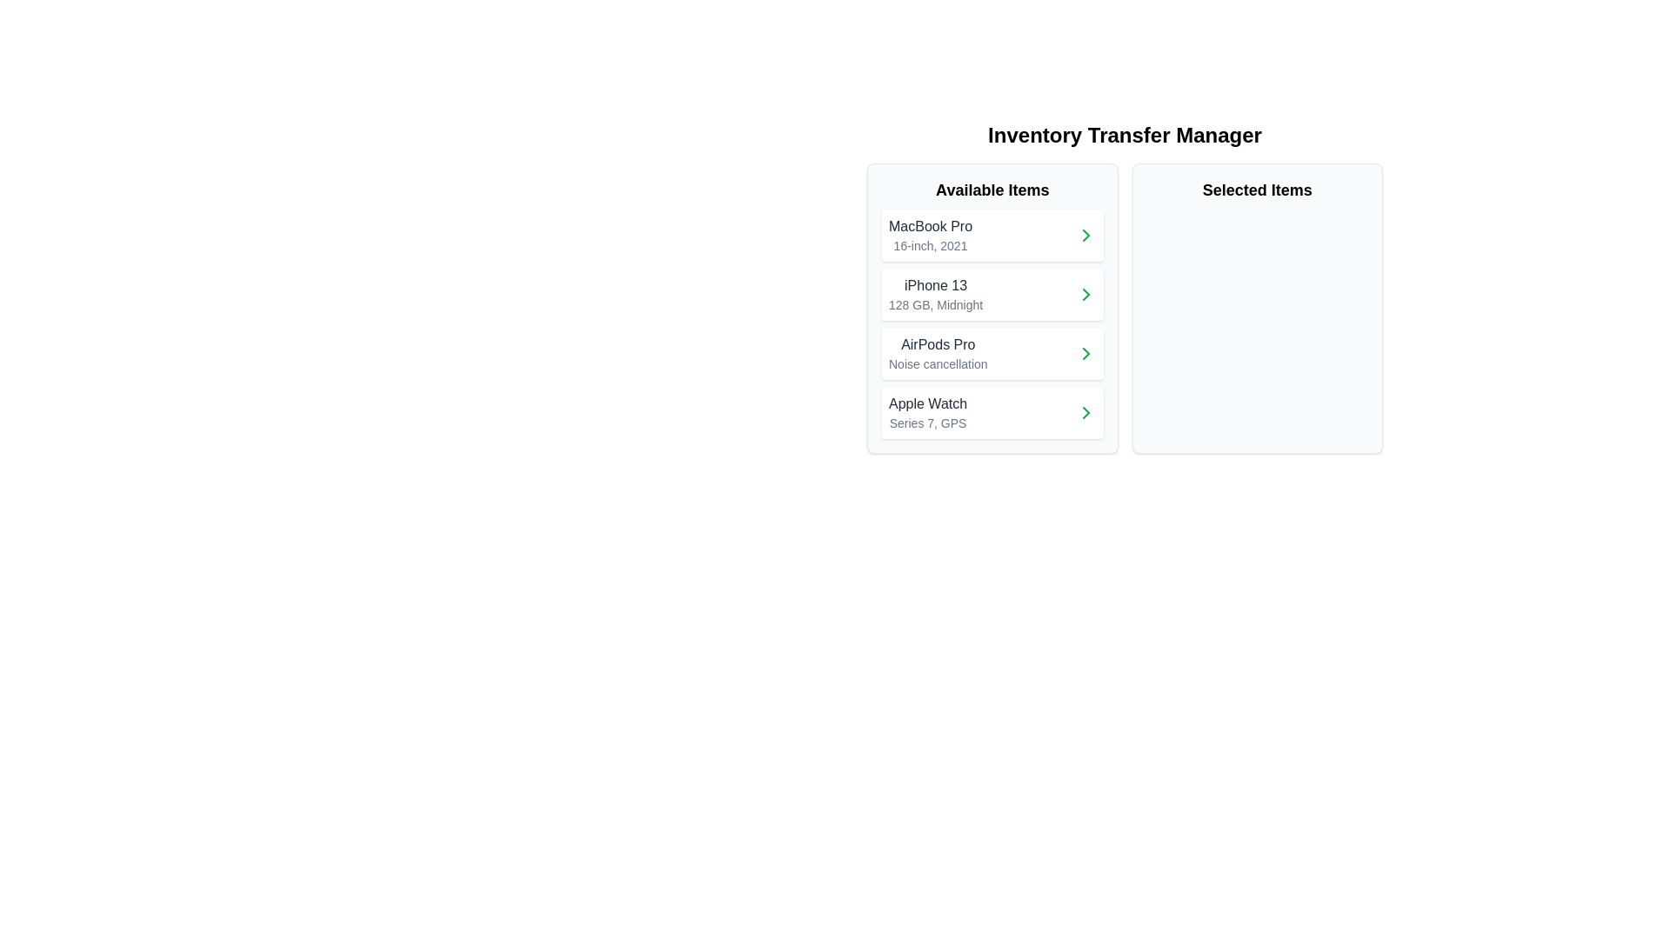  I want to click on the text label displaying 'AirPods Pro' located in the left panel labeled 'Available Items', which is the third entry in the list, positioned between 'iPhone 13' and 'Apple Watch', so click(937, 345).